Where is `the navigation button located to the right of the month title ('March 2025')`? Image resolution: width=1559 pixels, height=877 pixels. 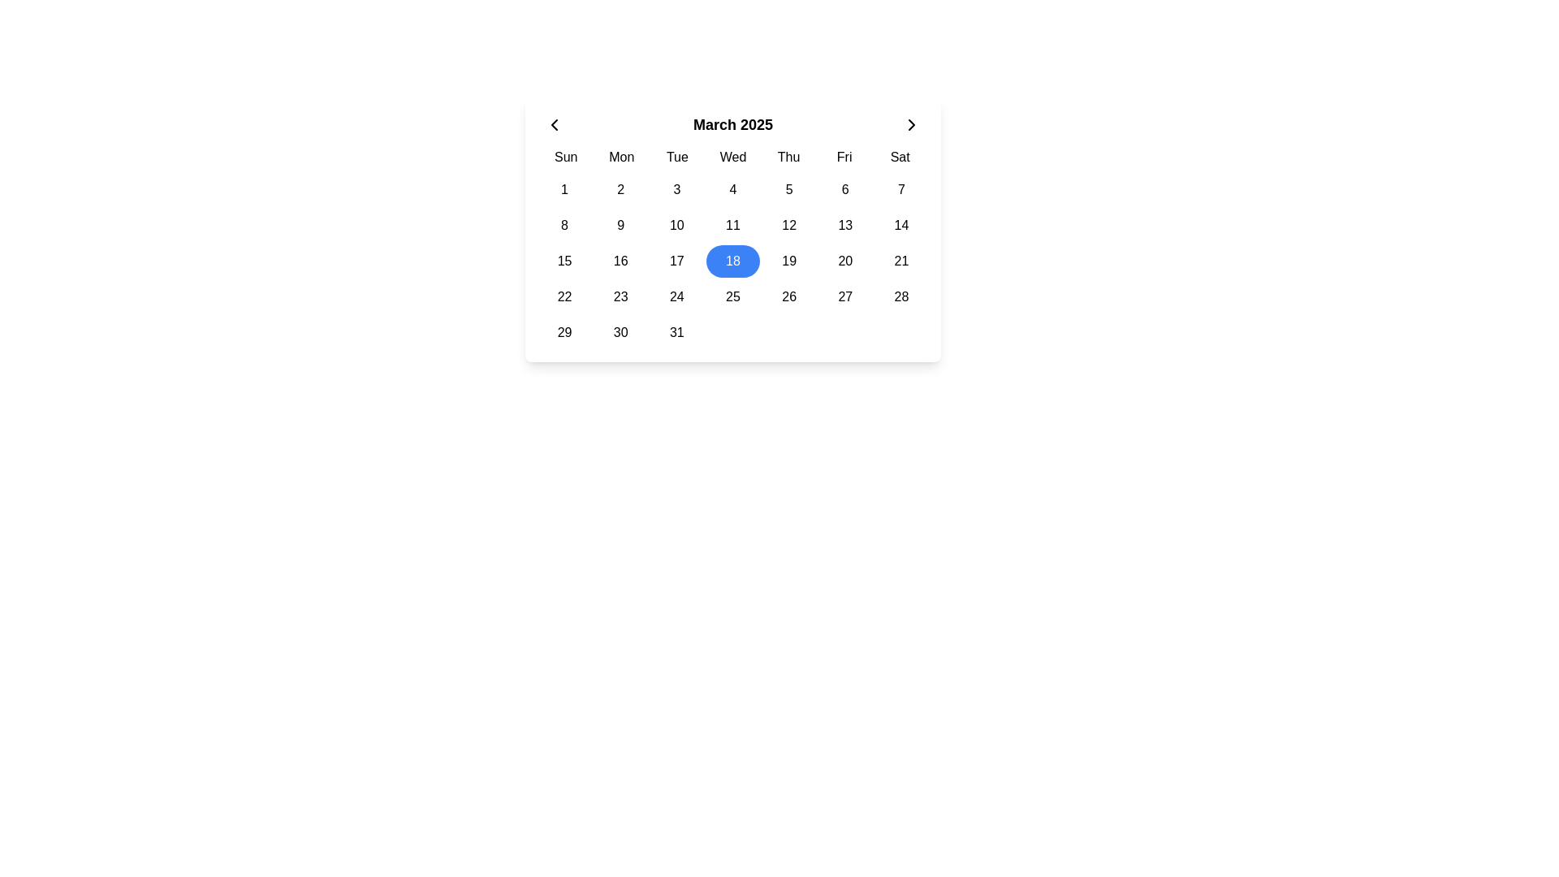 the navigation button located to the right of the month title ('March 2025') is located at coordinates (912, 124).